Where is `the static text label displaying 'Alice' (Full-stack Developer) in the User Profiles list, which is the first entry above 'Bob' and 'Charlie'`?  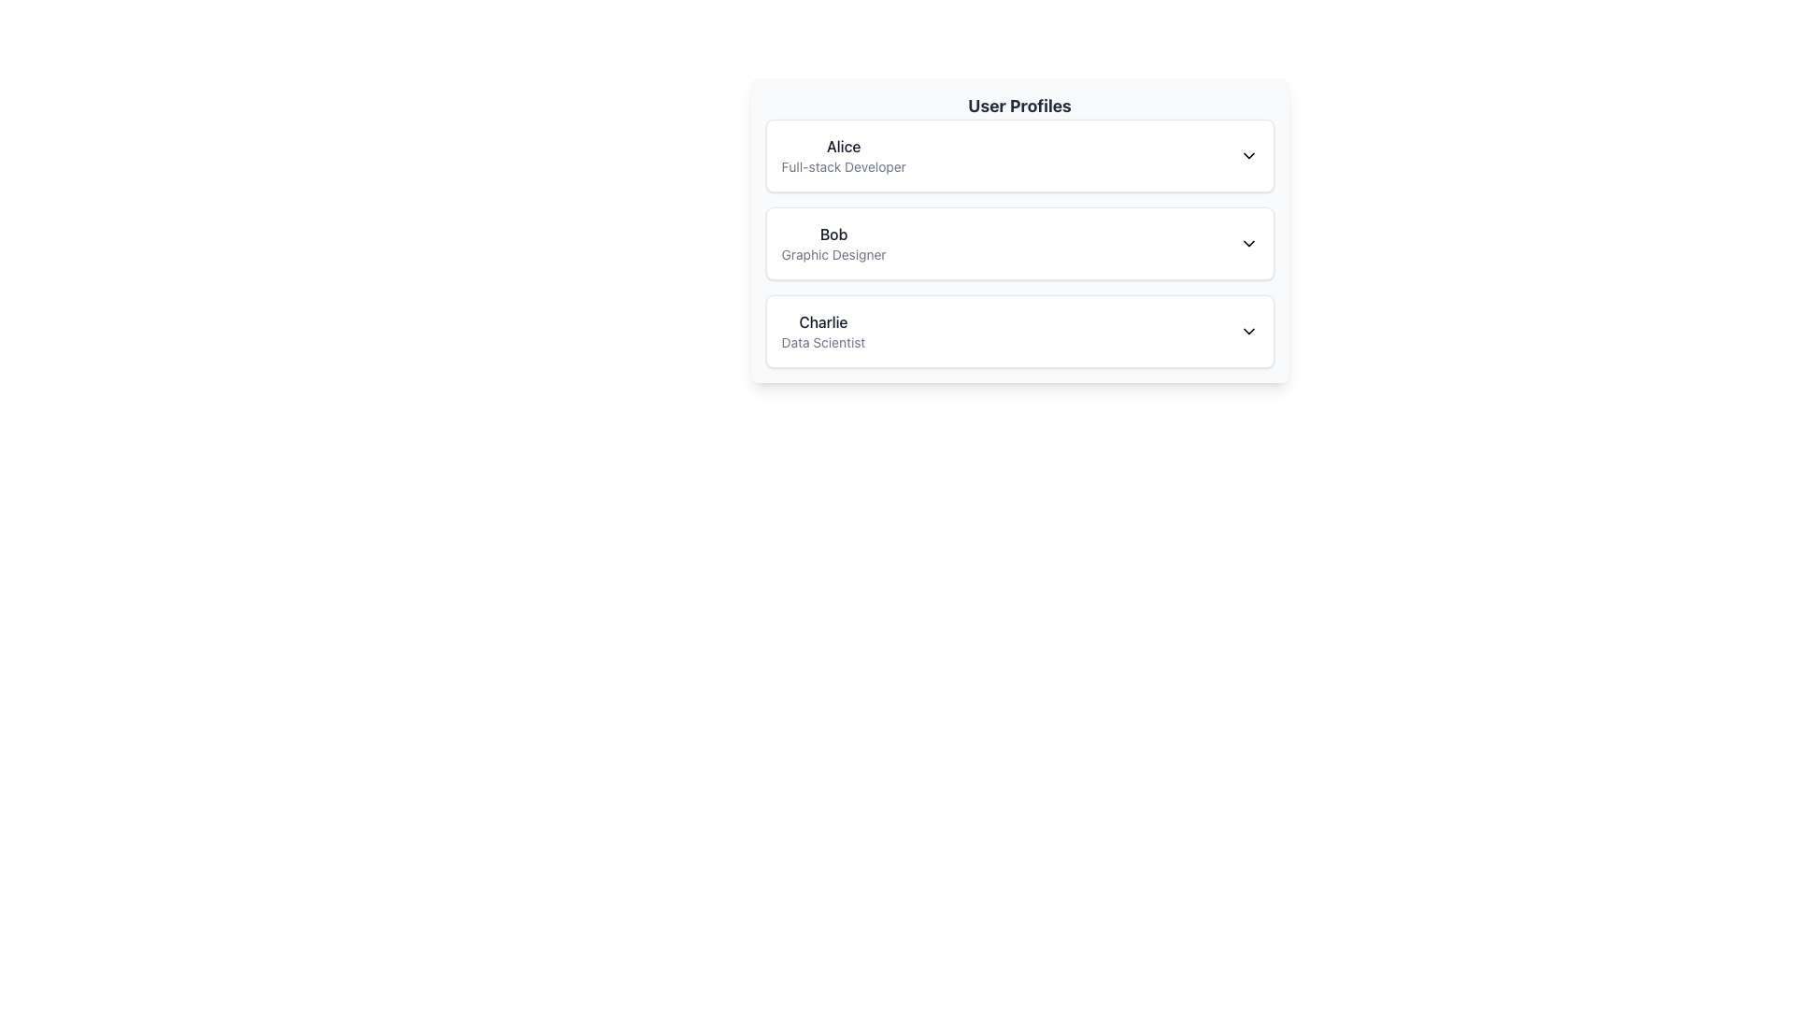 the static text label displaying 'Alice' (Full-stack Developer) in the User Profiles list, which is the first entry above 'Bob' and 'Charlie' is located at coordinates (843, 154).